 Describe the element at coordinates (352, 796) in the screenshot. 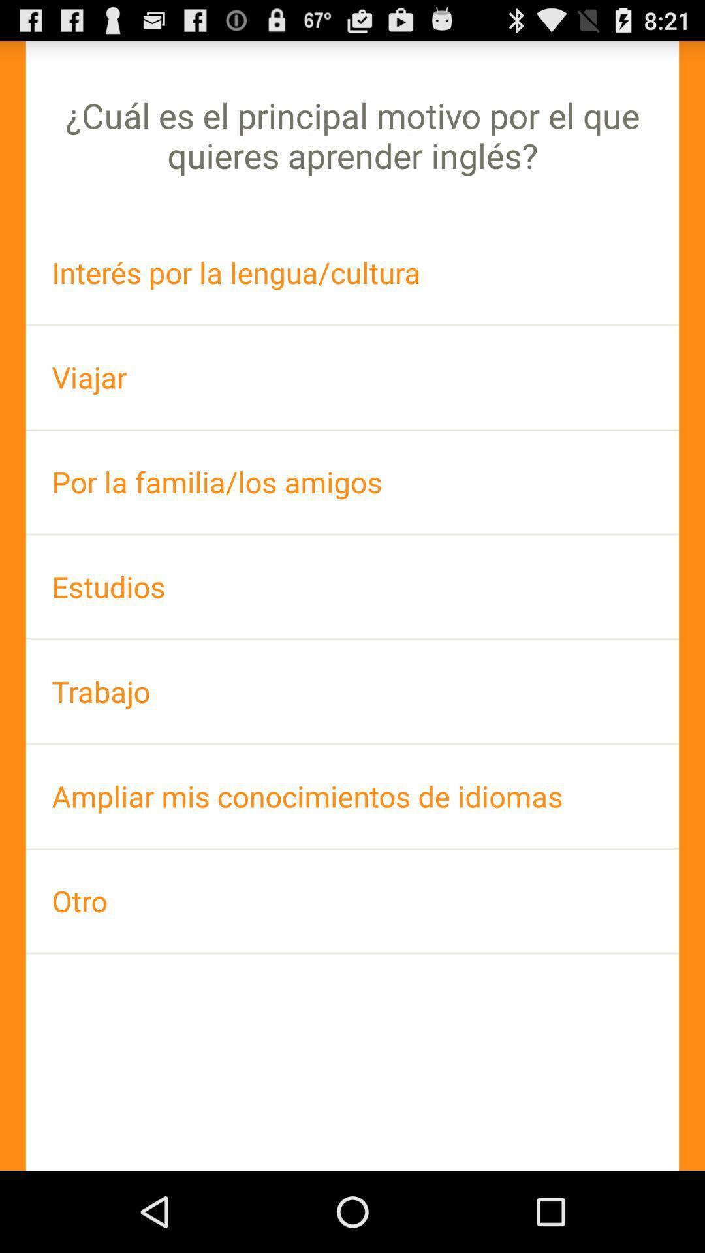

I see `the ampliar mis conocimientos item` at that location.